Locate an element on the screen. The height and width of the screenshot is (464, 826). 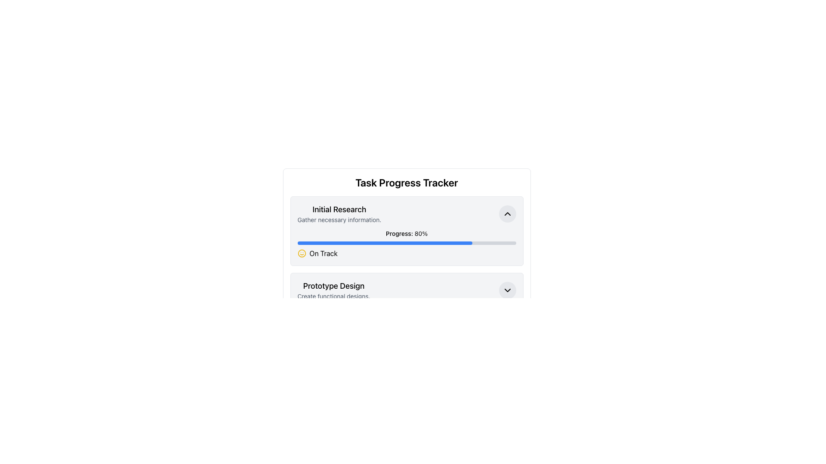
the text label located in the lower section of the 'Task Progress Tracker', which provides the name and brief description of the task, distinctly below the 'Initial Research' section is located at coordinates (333, 290).